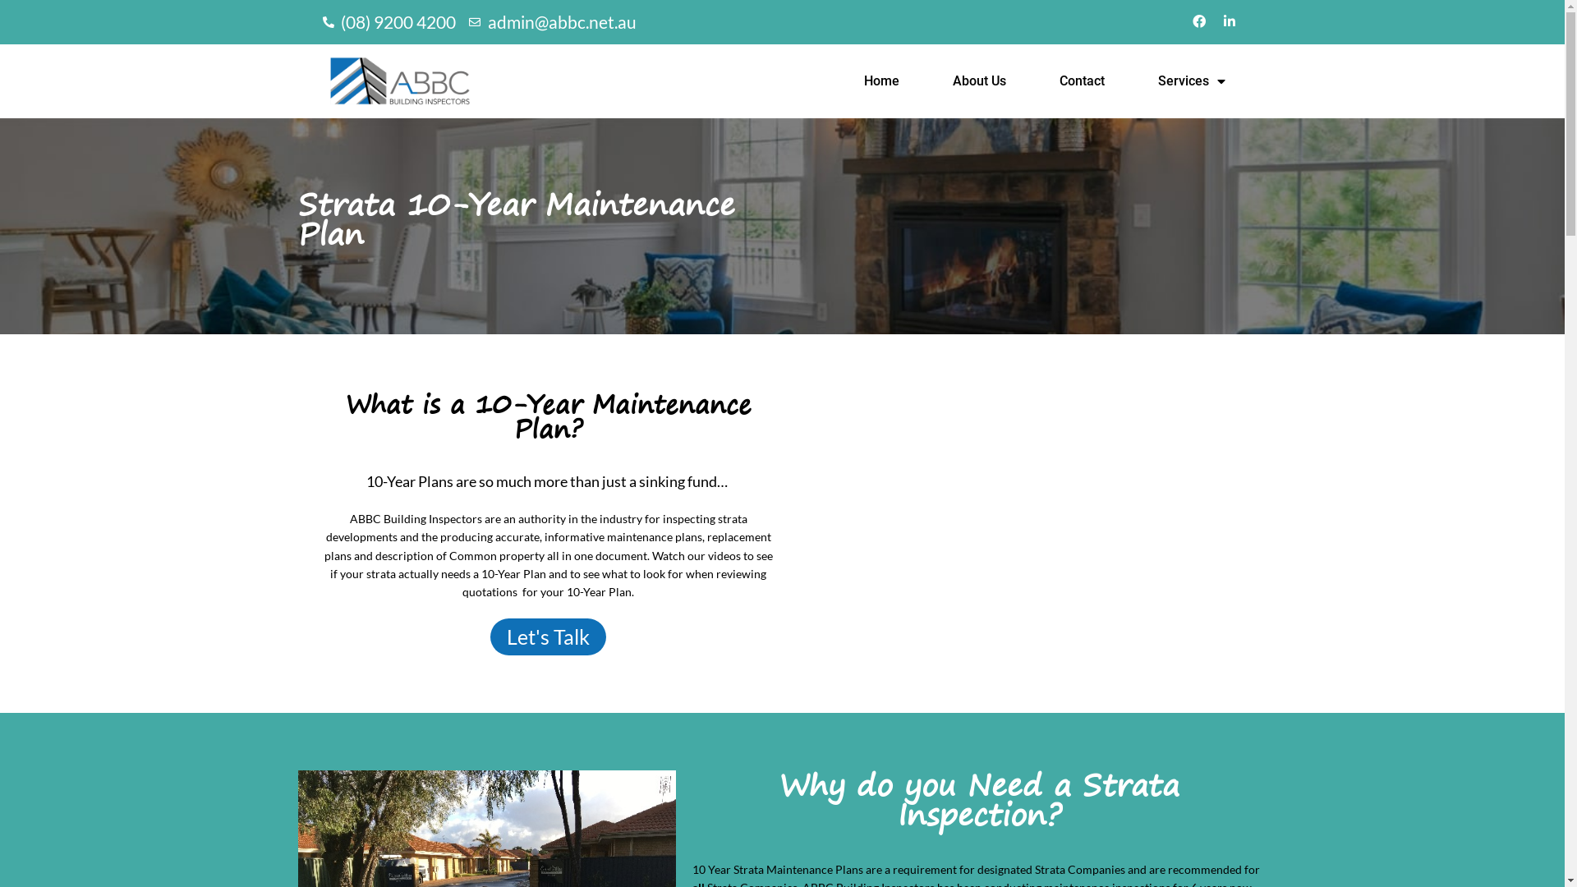  What do you see at coordinates (880, 81) in the screenshot?
I see `'Home'` at bounding box center [880, 81].